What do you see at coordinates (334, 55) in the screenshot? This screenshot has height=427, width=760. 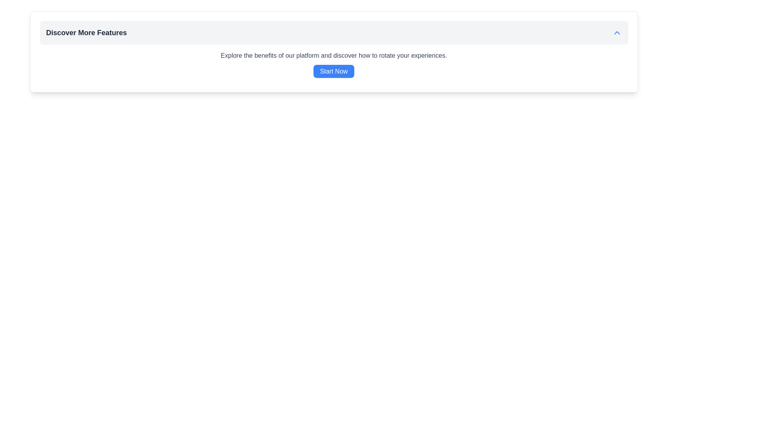 I see `the static text content that provides descriptive guidance or promotional text about the platform, located above the 'Start Now' button` at bounding box center [334, 55].